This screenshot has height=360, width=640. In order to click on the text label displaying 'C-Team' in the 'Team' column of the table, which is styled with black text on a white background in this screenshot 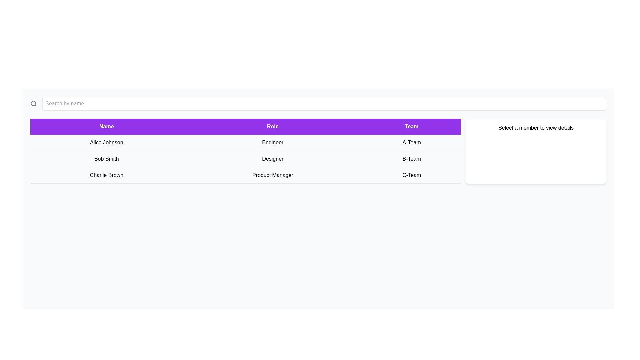, I will do `click(411, 175)`.